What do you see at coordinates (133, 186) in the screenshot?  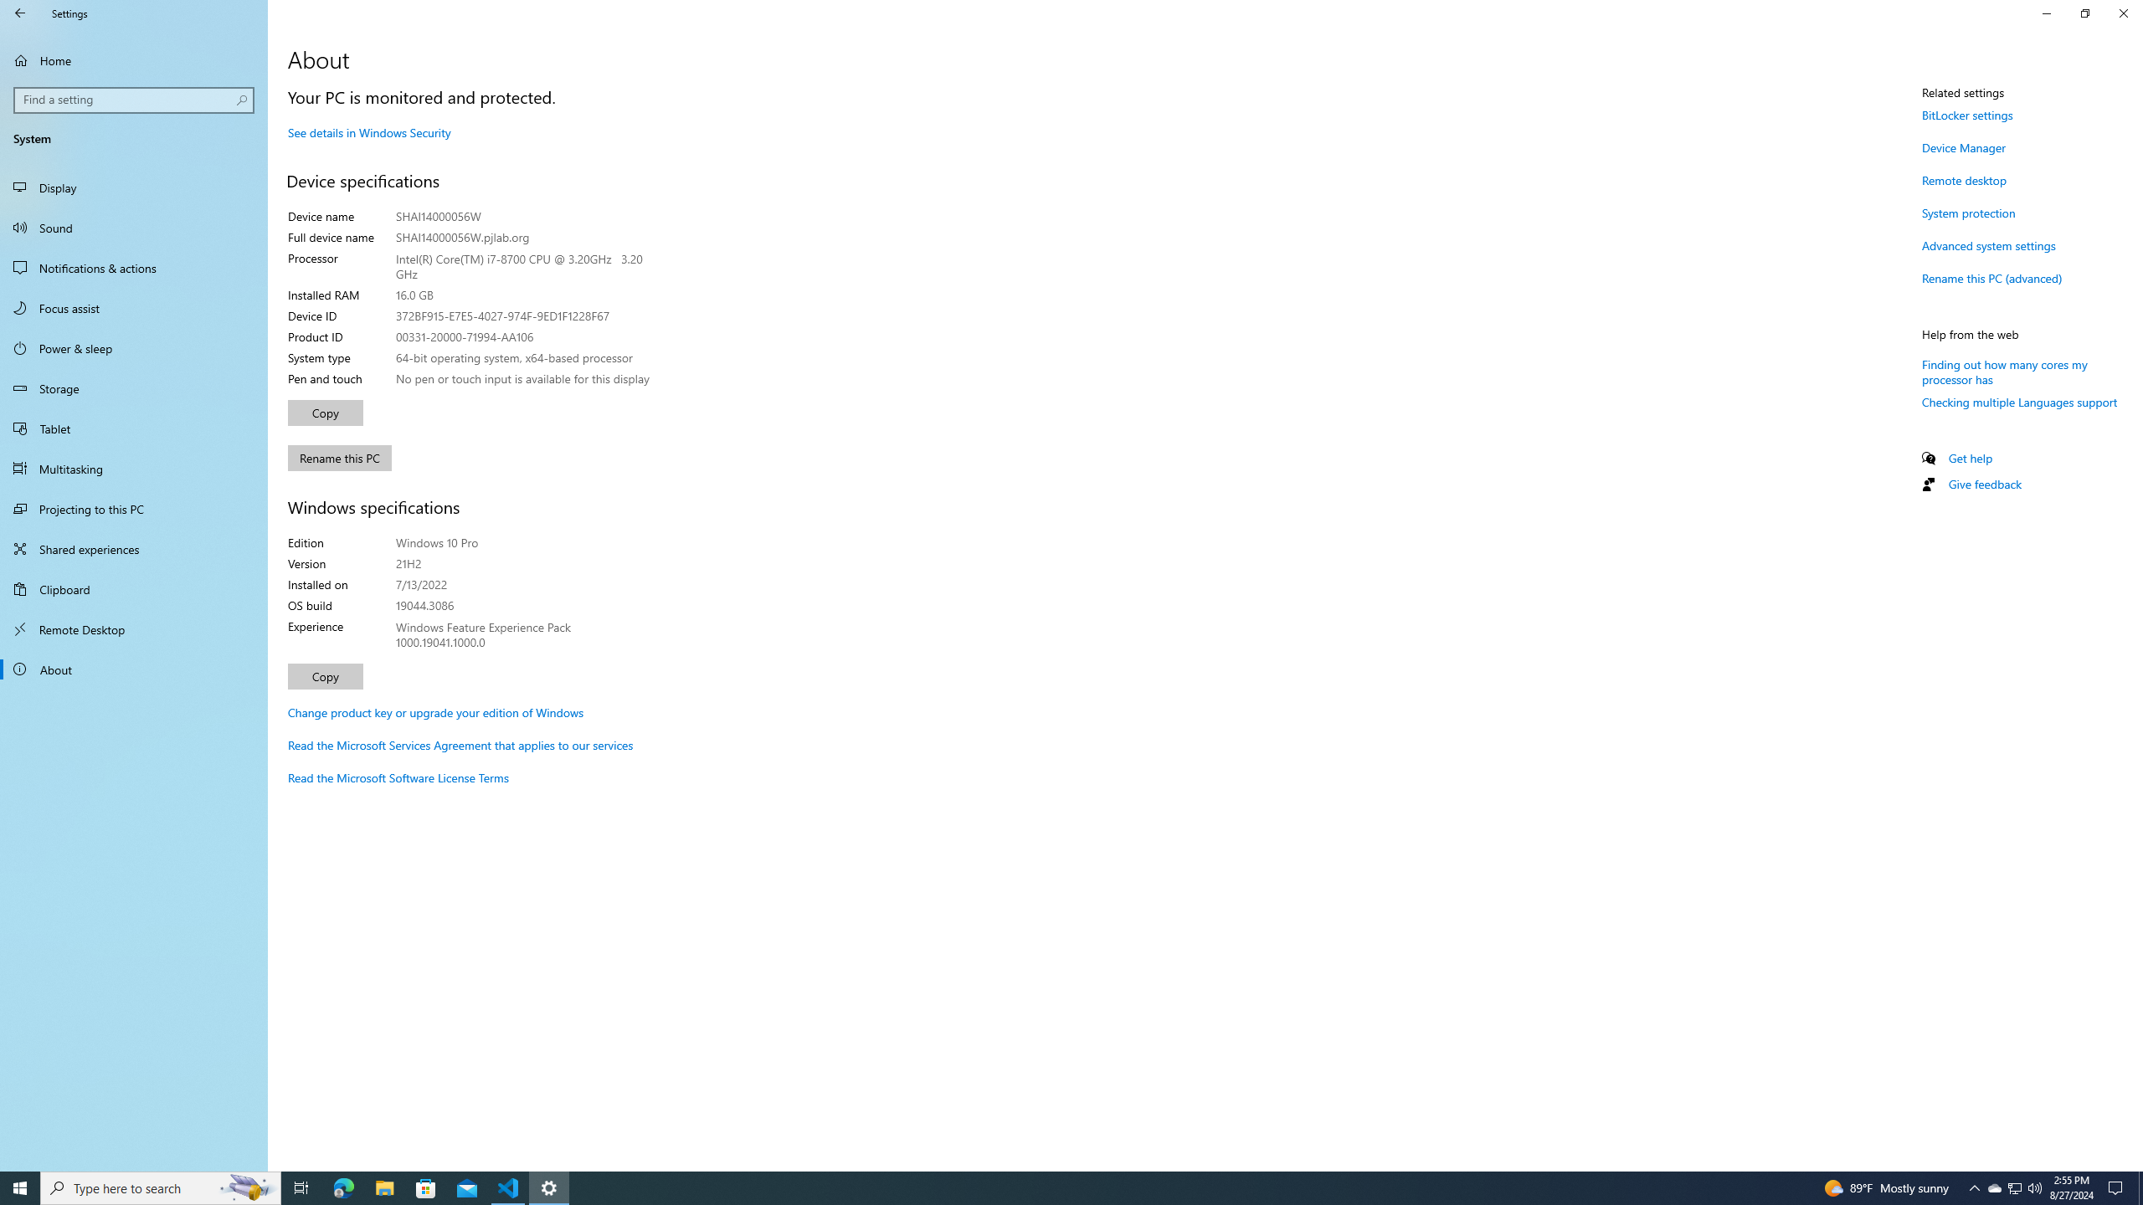 I see `'Display'` at bounding box center [133, 186].